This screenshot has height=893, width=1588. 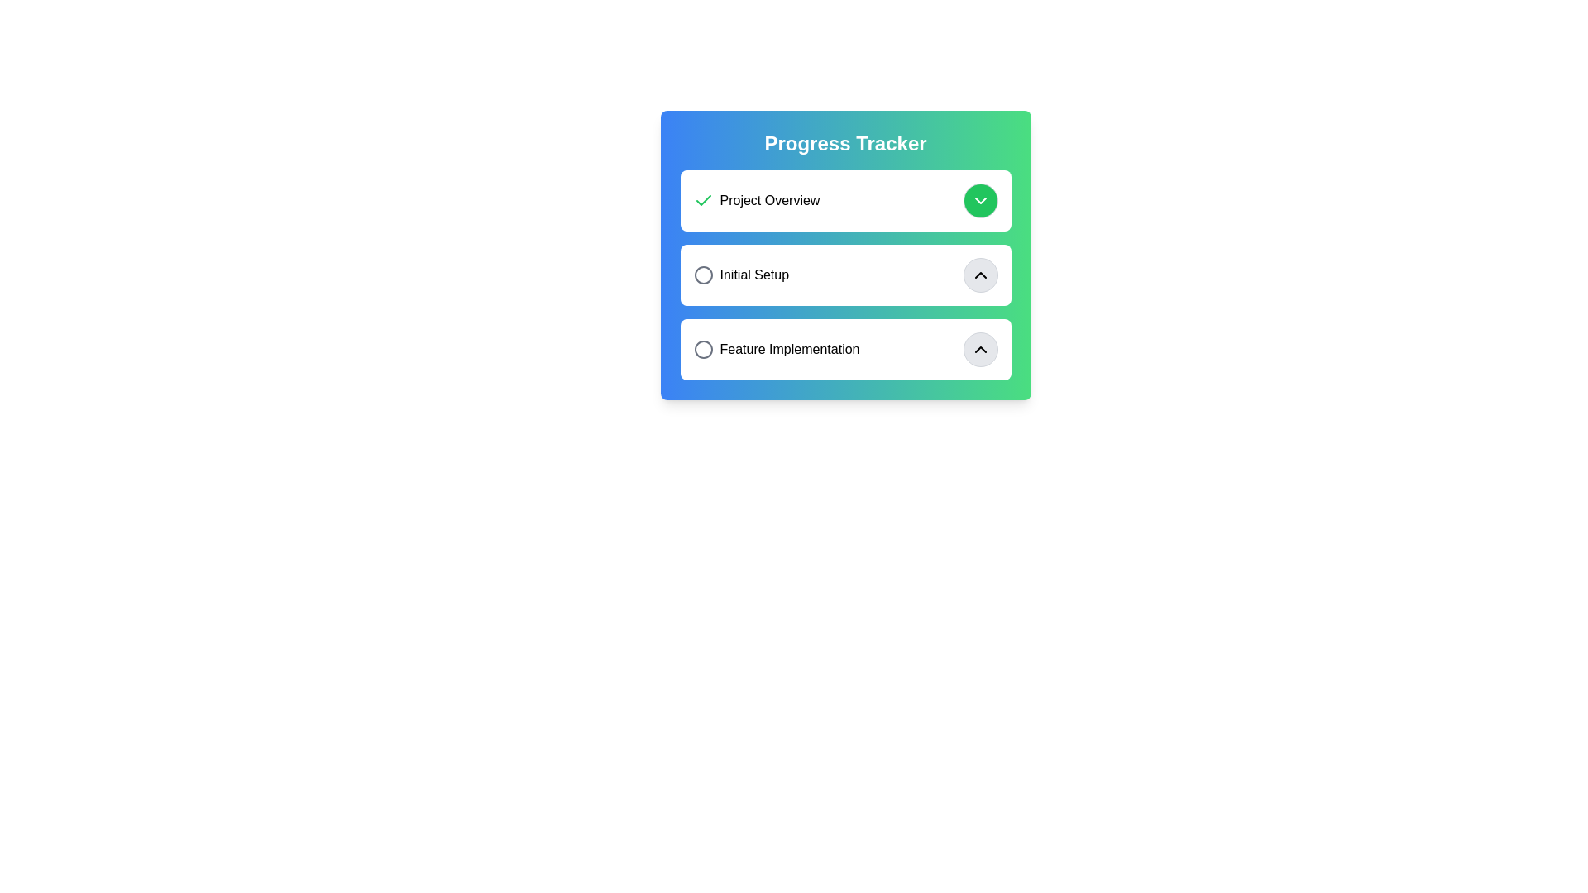 I want to click on the green checkmark icon located to the left of the 'Project Overview' text in the progress tracker interface, so click(x=703, y=200).